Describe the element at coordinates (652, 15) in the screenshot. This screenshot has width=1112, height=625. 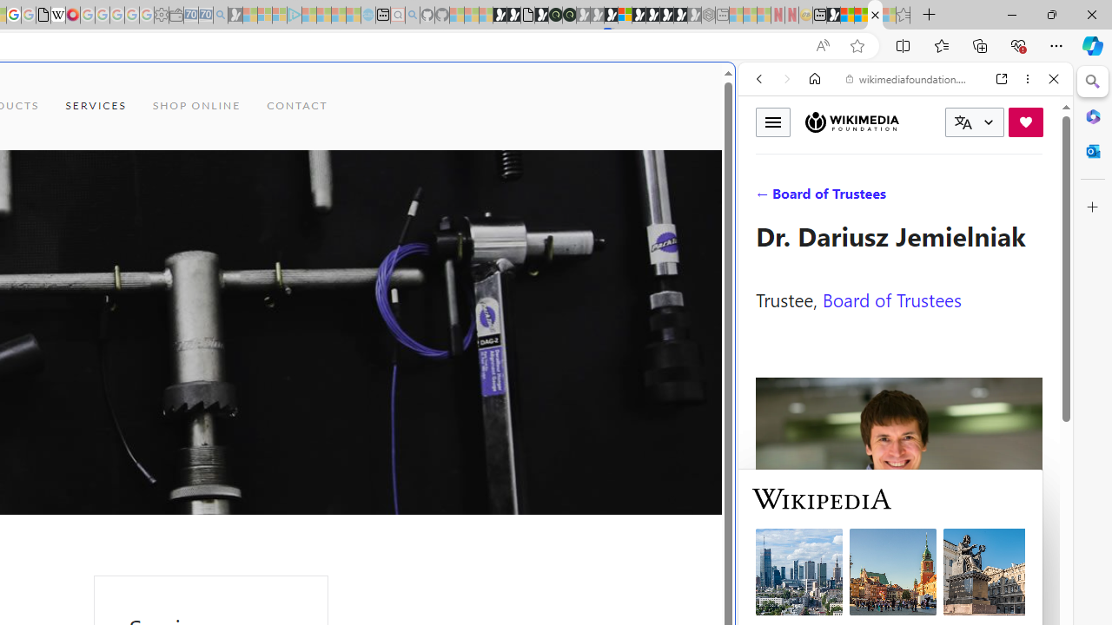
I see `'Play Free Online Games | Games from Microsoft Start'` at that location.